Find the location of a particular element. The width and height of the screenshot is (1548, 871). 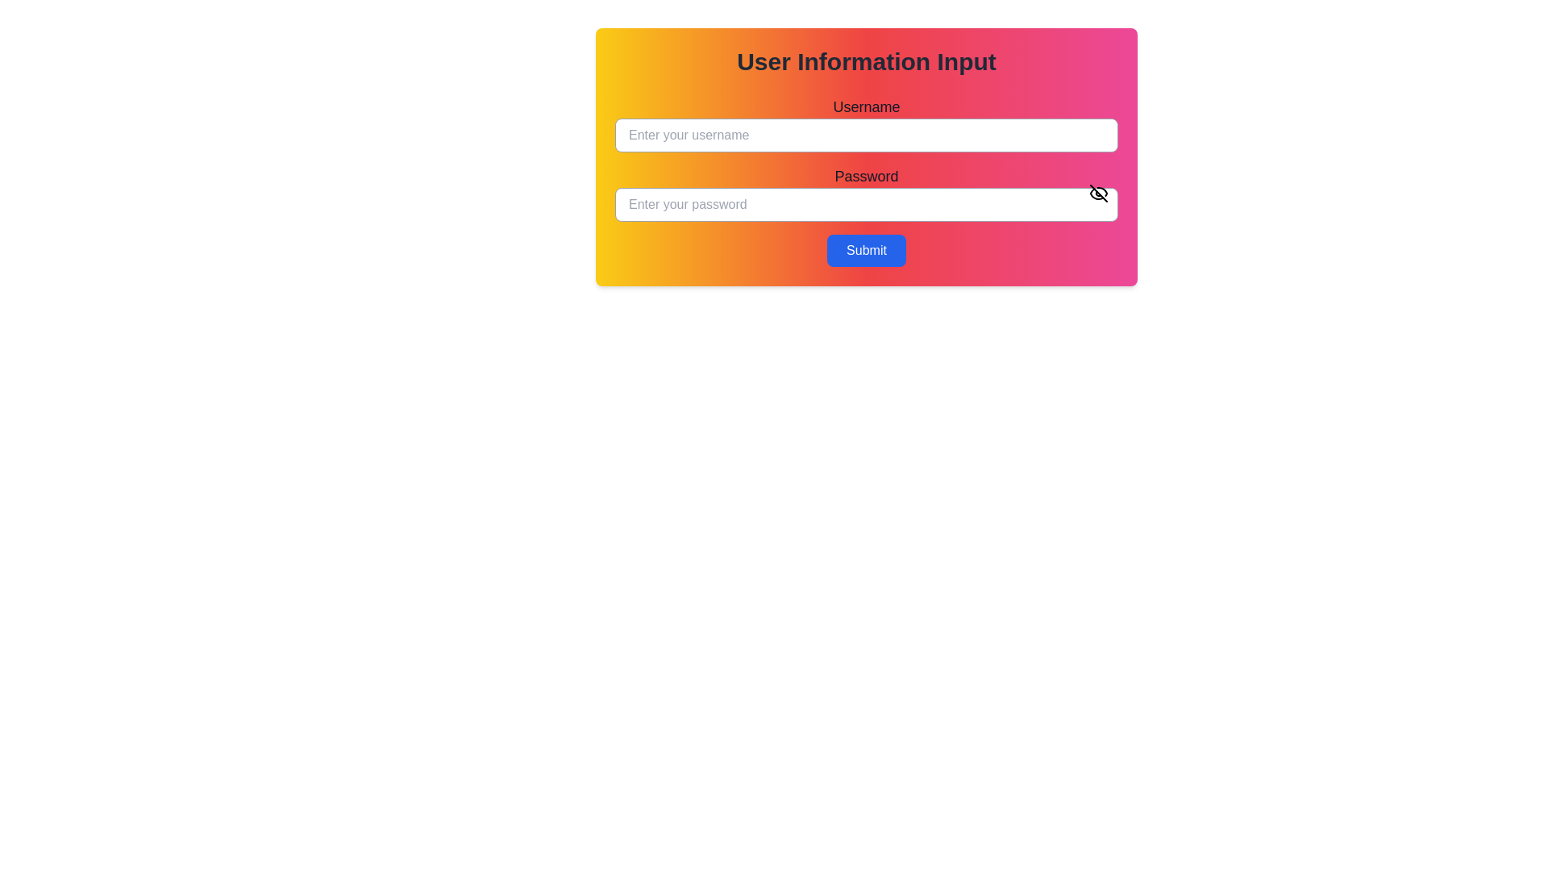

the password label element that guides users on what information to input, which is located below the 'Username' label and above the password input field is located at coordinates (866, 177).